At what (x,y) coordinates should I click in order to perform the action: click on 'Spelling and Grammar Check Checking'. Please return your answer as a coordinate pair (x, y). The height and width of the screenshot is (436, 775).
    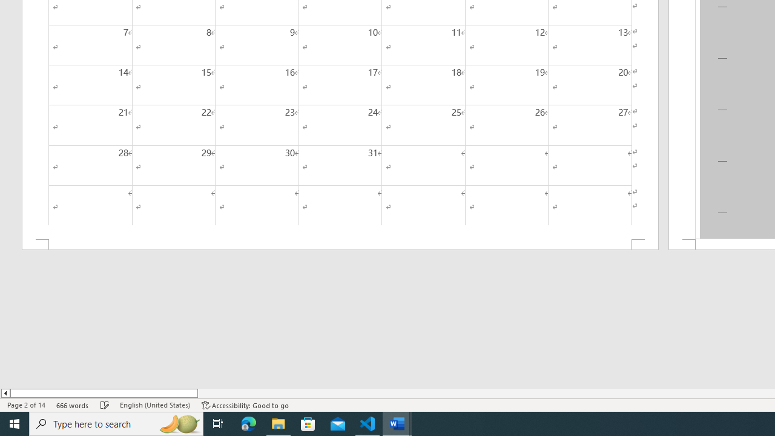
    Looking at the image, I should click on (105, 405).